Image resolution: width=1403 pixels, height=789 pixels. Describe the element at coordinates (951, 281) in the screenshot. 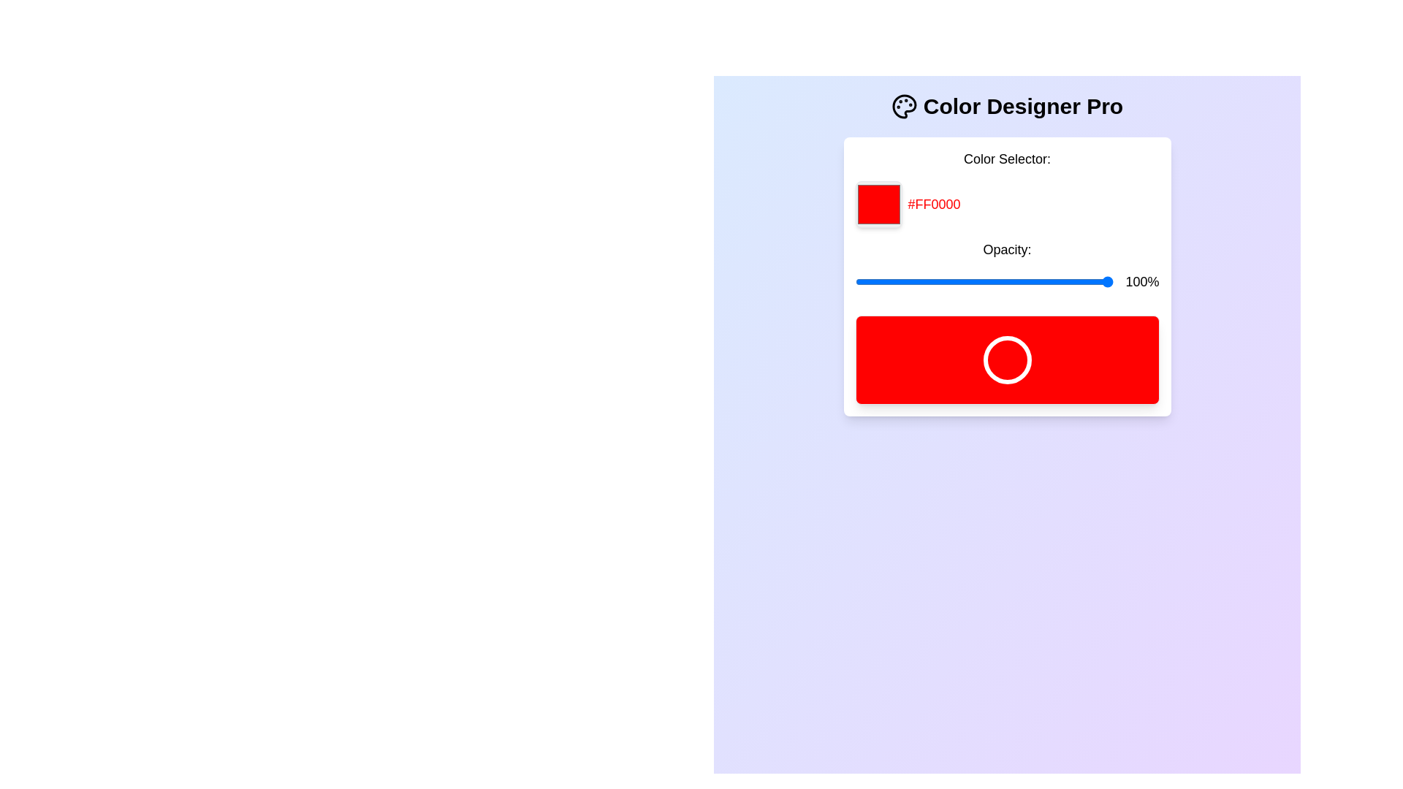

I see `opacity` at that location.